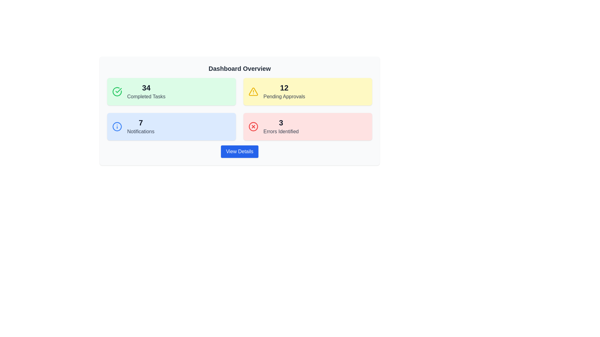  Describe the element at coordinates (281, 126) in the screenshot. I see `informational text block displaying the bold numeral '3' followed by 'Errors Identified' inside the red rectangular card in the bottom-right section of the dashboard` at that location.